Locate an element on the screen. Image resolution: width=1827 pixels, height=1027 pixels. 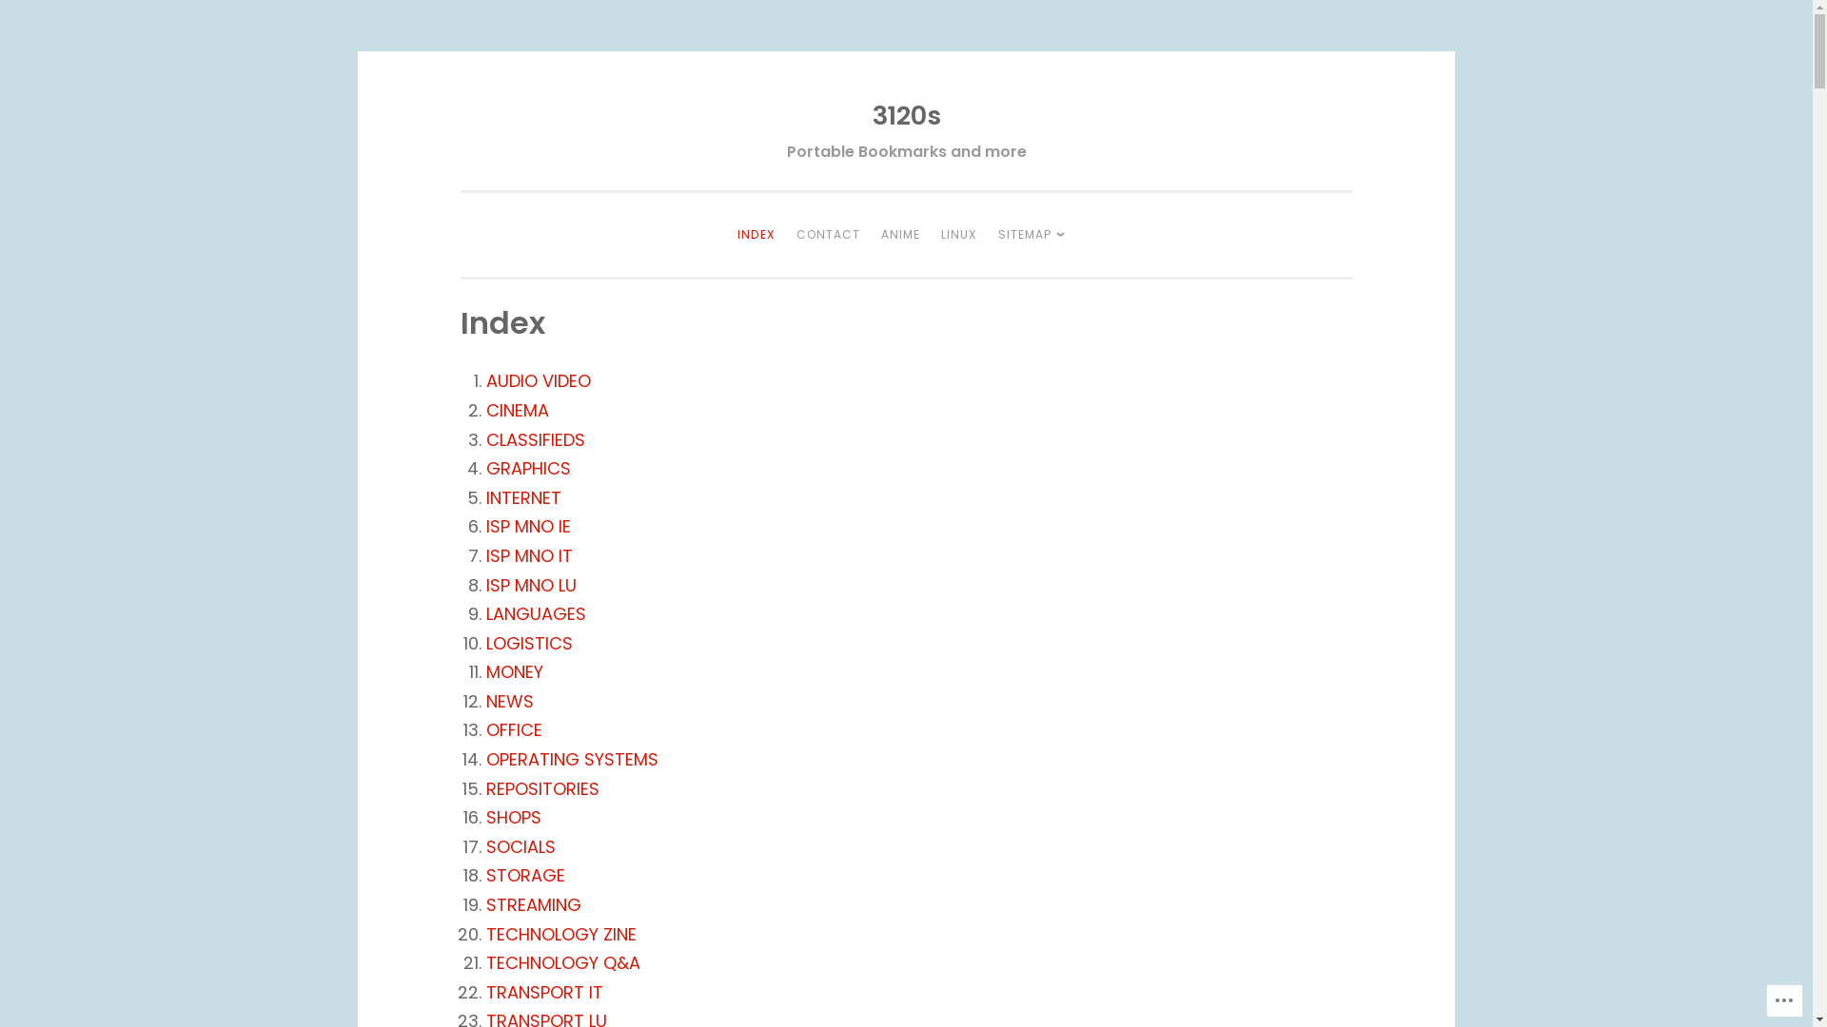
'STREAMING' is located at coordinates (533, 903).